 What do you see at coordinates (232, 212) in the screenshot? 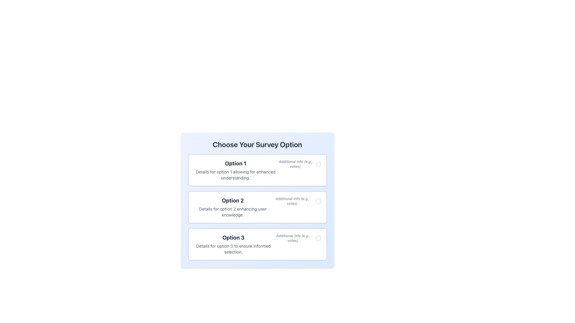
I see `the Text Label containing 'Details for option 2 enhancing user knowledge.' which is located under the title 'Option 2' in the second card of the survey options` at bounding box center [232, 212].